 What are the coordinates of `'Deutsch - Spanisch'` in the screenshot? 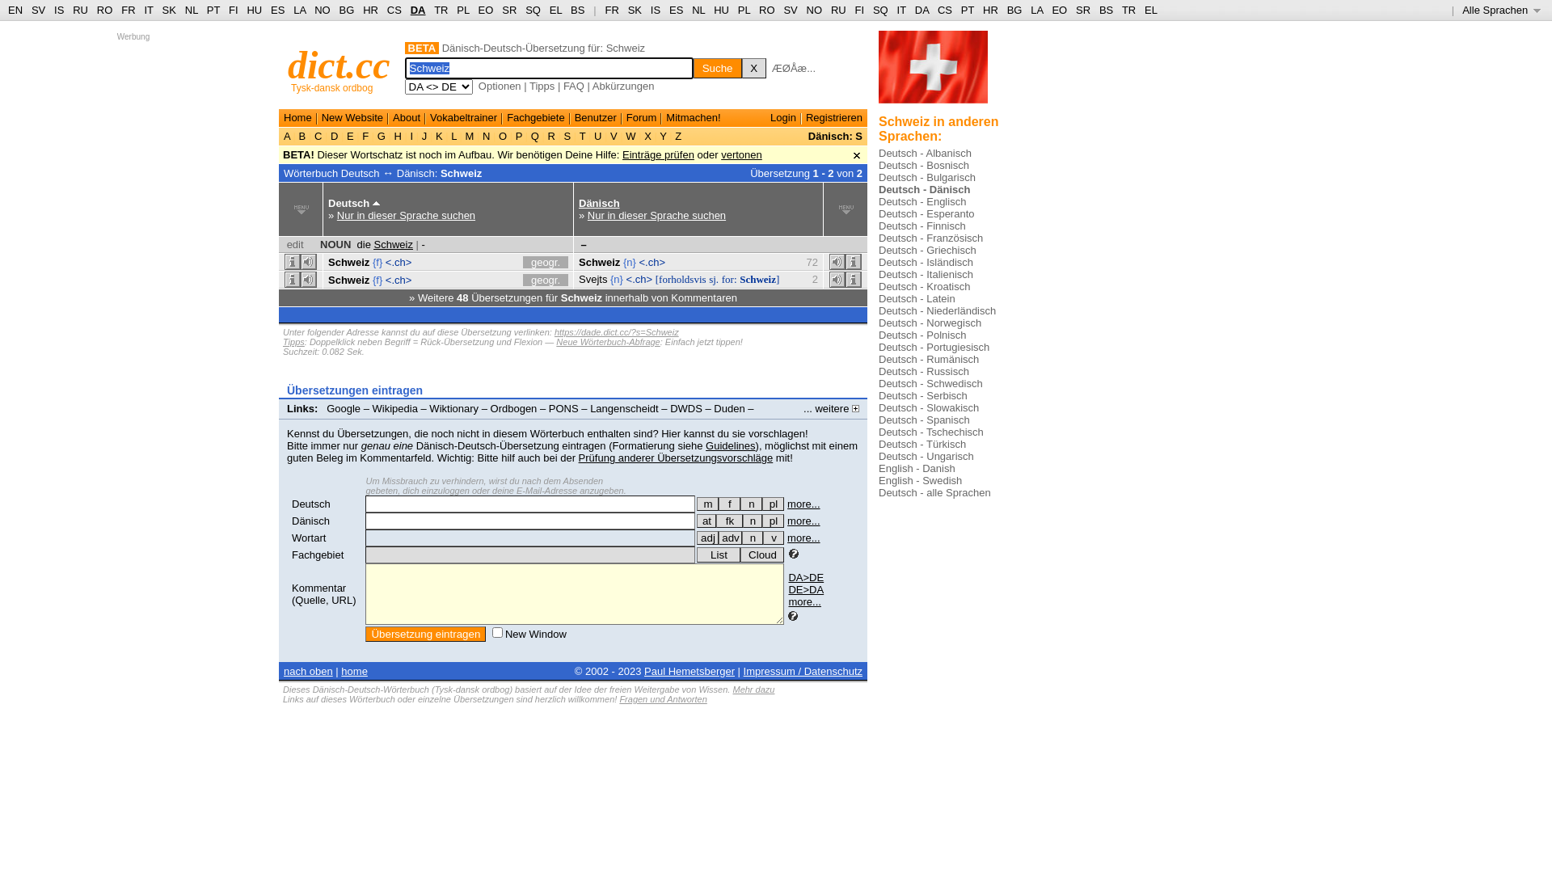 It's located at (924, 419).